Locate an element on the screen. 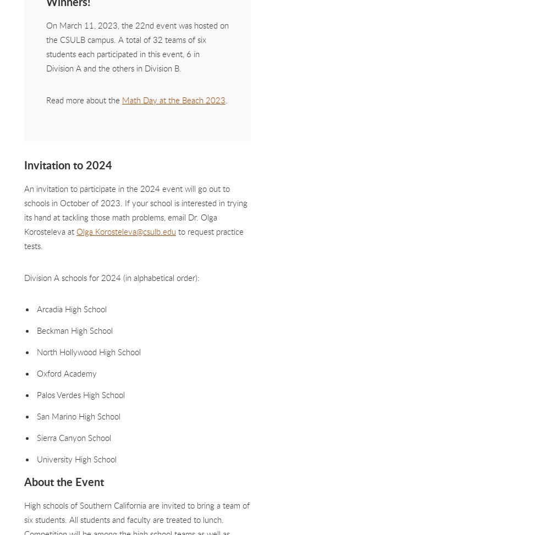 The width and height of the screenshot is (550, 535). 'Palos Verdes High School' is located at coordinates (81, 394).